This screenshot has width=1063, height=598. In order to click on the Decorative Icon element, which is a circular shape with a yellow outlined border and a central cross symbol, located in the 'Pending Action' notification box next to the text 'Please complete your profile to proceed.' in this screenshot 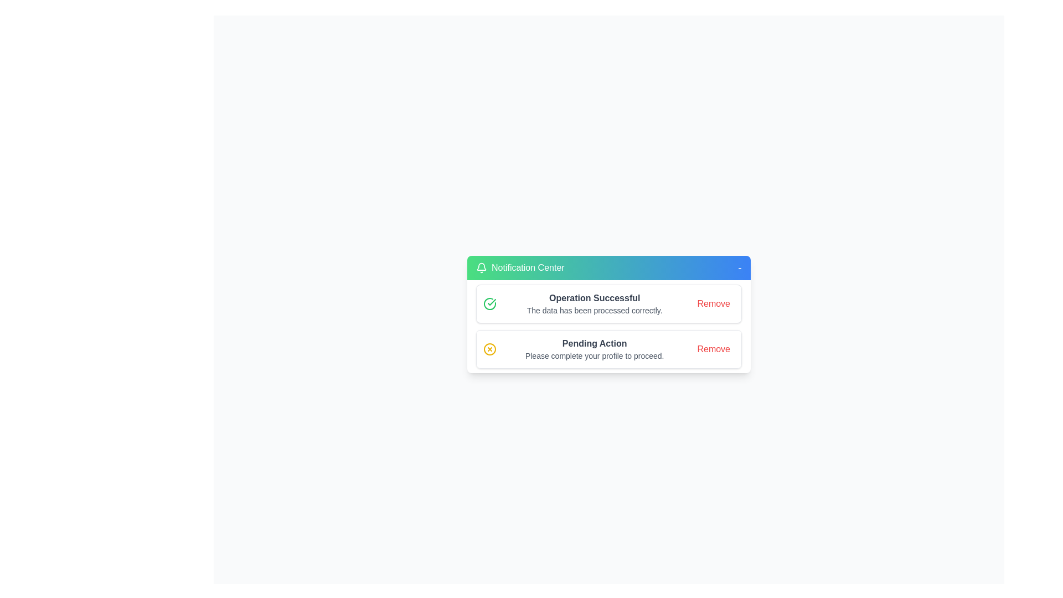, I will do `click(489, 349)`.